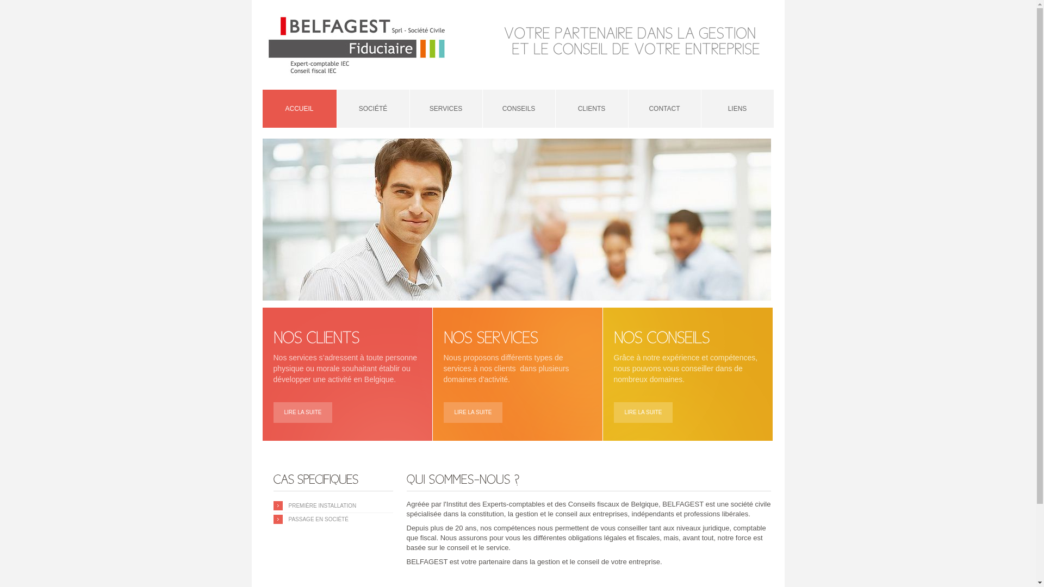 This screenshot has height=587, width=1044. What do you see at coordinates (629, 109) in the screenshot?
I see `'CONTACT'` at bounding box center [629, 109].